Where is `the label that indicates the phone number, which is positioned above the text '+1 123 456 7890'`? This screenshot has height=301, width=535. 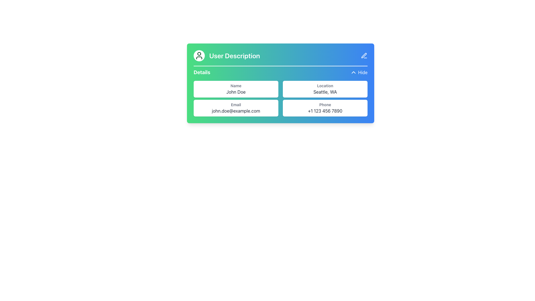 the label that indicates the phone number, which is positioned above the text '+1 123 456 7890' is located at coordinates (325, 105).